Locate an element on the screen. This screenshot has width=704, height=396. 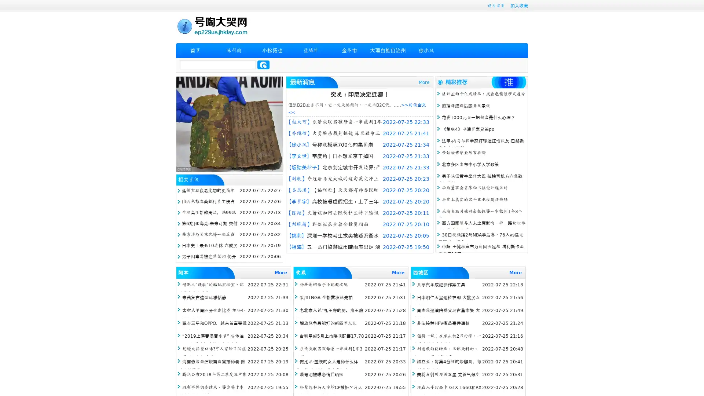
Search is located at coordinates (263, 65).